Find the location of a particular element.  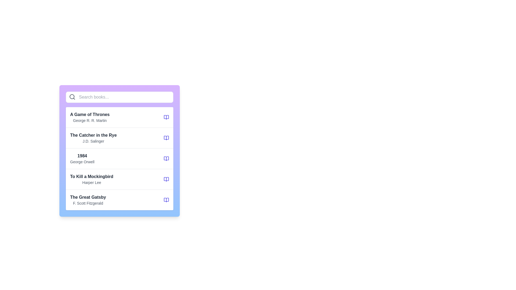

the selectable list item for 'The Great Gatsby' is located at coordinates (119, 200).